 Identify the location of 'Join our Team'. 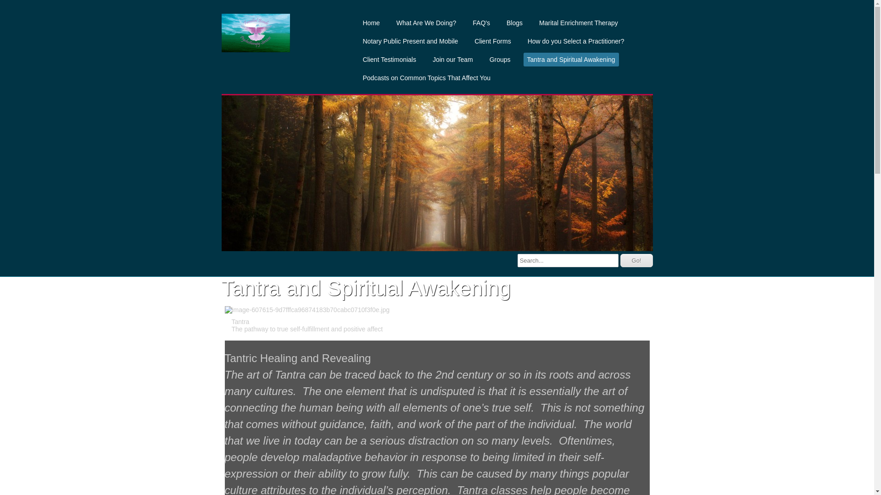
(453, 60).